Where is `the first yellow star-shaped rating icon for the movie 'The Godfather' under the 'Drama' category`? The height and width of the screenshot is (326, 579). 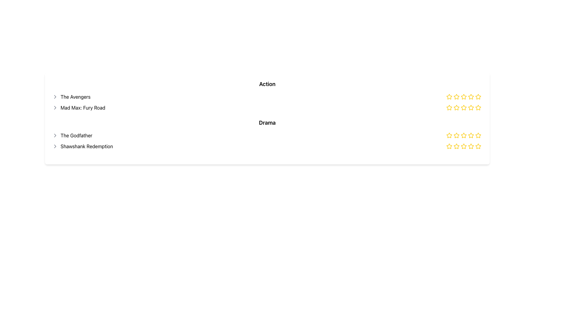 the first yellow star-shaped rating icon for the movie 'The Godfather' under the 'Drama' category is located at coordinates (449, 135).